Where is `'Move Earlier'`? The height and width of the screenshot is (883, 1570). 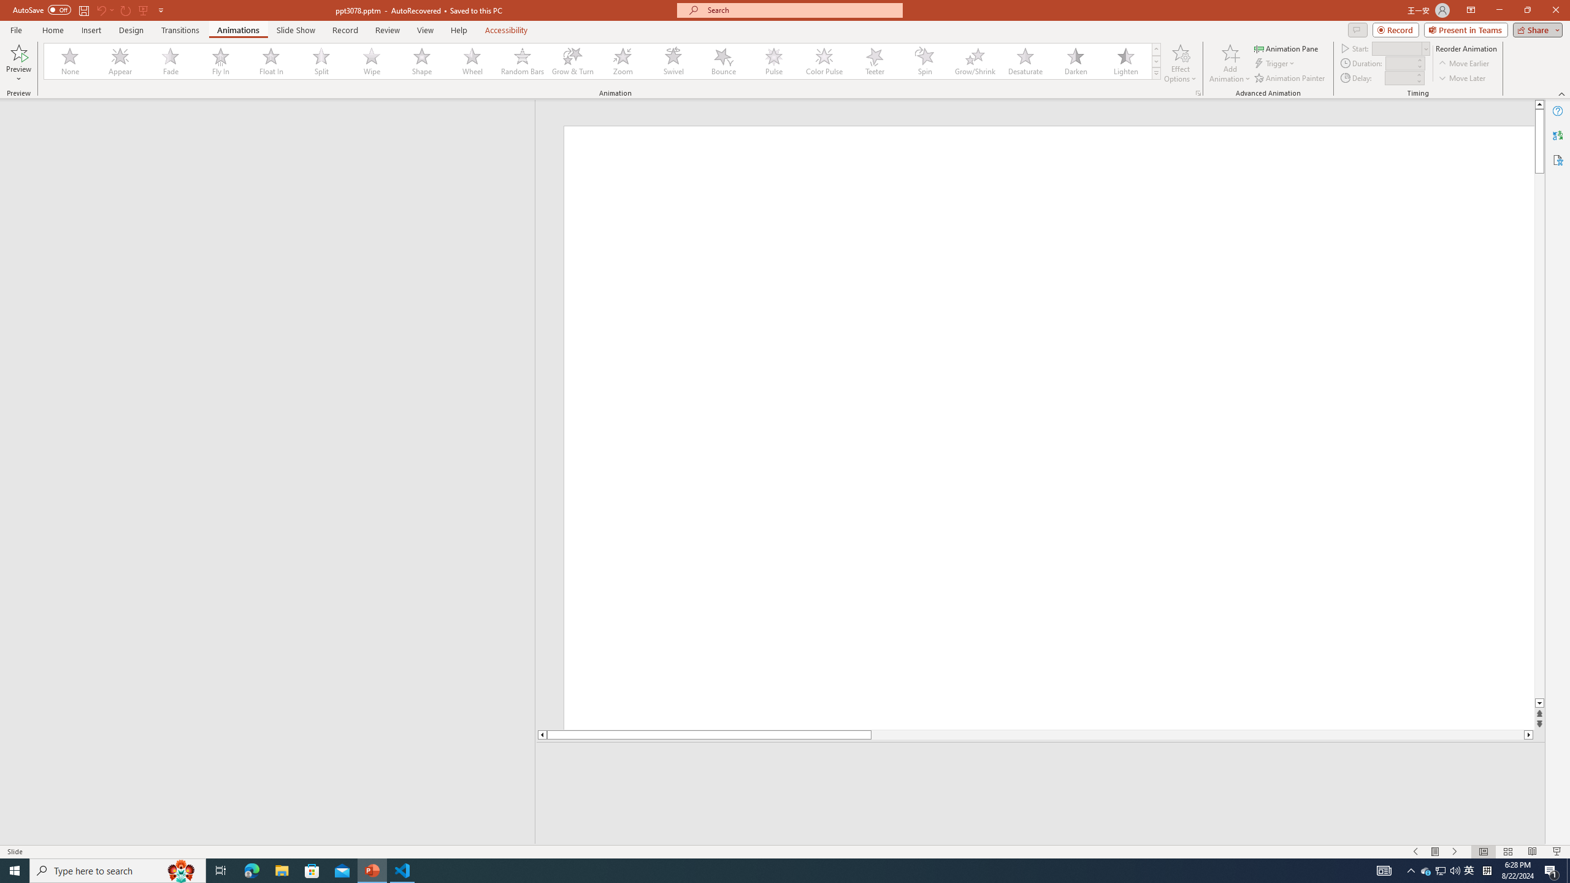 'Move Earlier' is located at coordinates (1463, 63).